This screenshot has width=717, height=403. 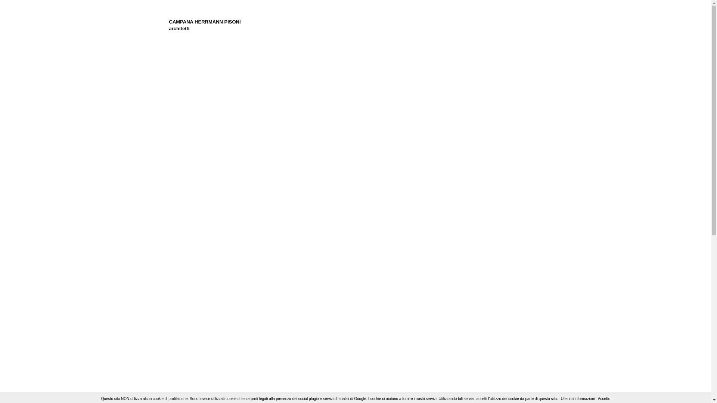 I want to click on 'Accetto', so click(x=598, y=398).